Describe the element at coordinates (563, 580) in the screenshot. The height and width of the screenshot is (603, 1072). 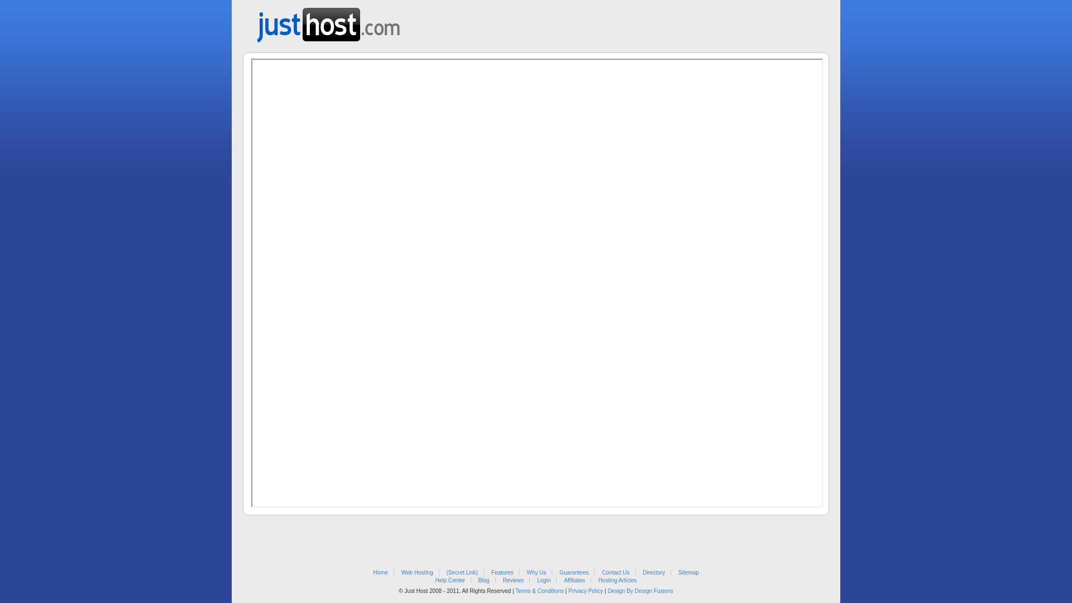
I see `'Affiliates'` at that location.